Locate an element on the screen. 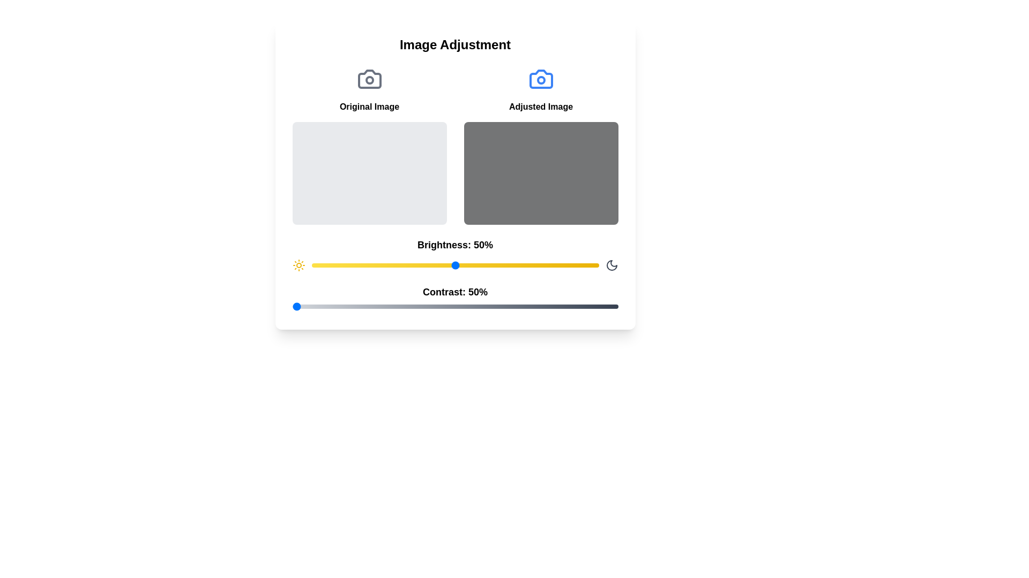 This screenshot has height=578, width=1029. the contrast is located at coordinates (367, 307).